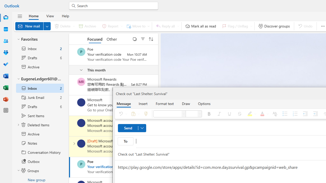 Image resolution: width=326 pixels, height=183 pixels. What do you see at coordinates (50, 16) in the screenshot?
I see `'View'` at bounding box center [50, 16].